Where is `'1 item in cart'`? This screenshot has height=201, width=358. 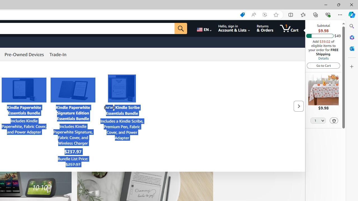
'1 item in cart' is located at coordinates (289, 28).